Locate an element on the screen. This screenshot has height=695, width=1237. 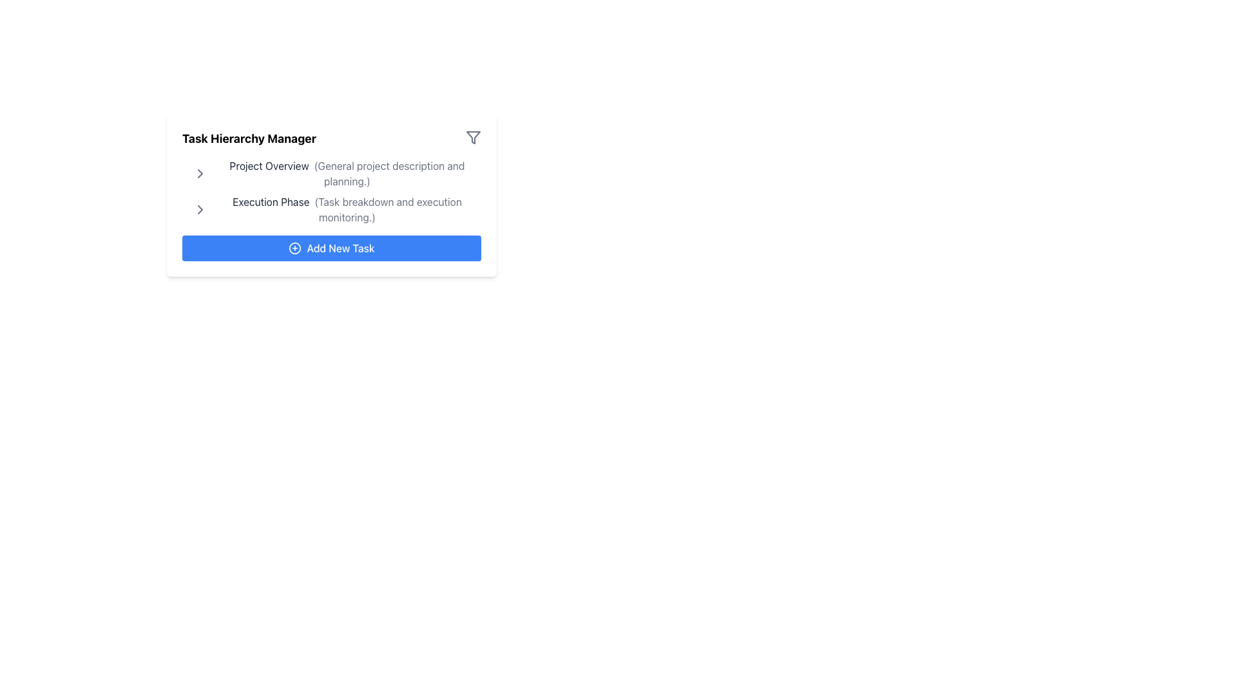
the static text description that provides context for the 'Execution Phase' section, located slightly to the right and below the main section title is located at coordinates (387, 209).